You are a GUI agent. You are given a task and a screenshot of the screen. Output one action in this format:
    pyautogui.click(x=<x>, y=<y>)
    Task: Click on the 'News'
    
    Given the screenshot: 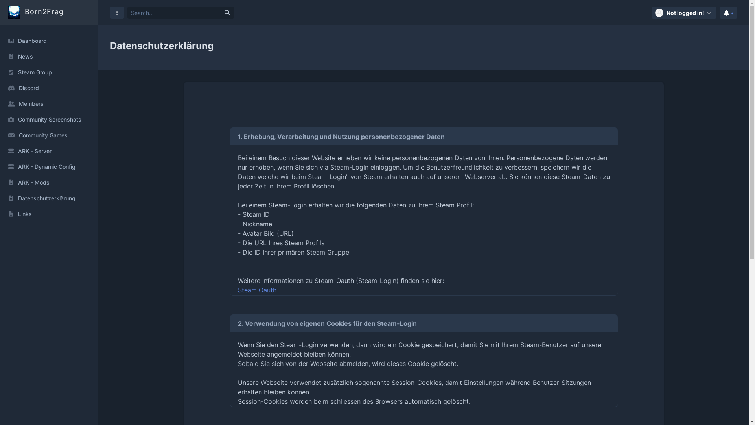 What is the action you would take?
    pyautogui.click(x=48, y=56)
    